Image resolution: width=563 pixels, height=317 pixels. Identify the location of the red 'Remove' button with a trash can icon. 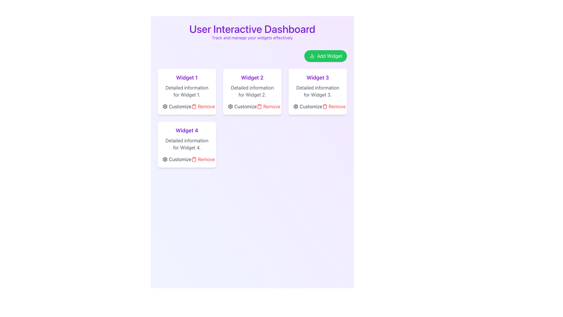
(203, 106).